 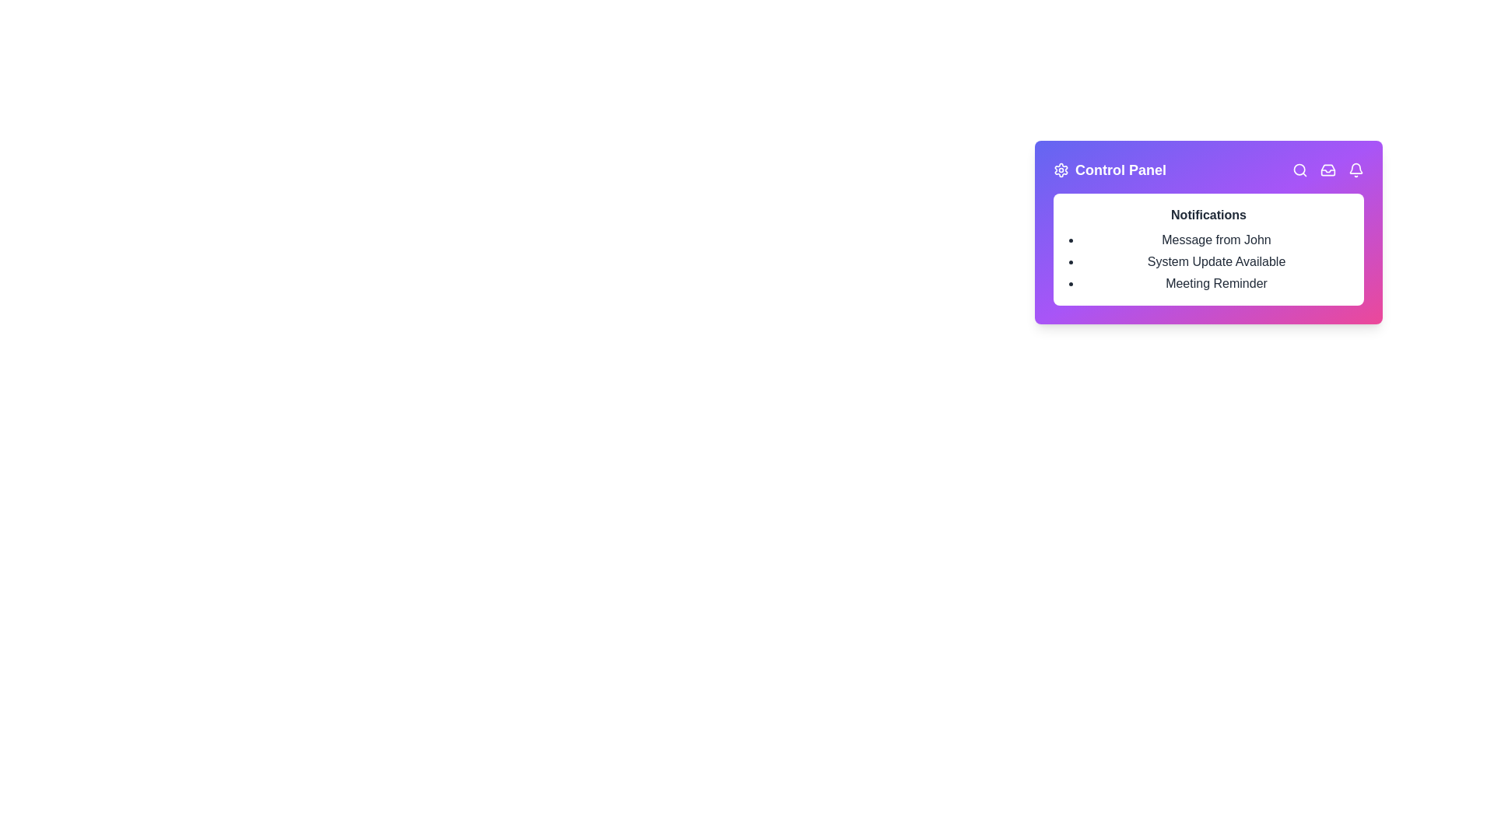 What do you see at coordinates (1108, 170) in the screenshot?
I see `the 'Control Panel' button to toggle the visibility of the menu` at bounding box center [1108, 170].